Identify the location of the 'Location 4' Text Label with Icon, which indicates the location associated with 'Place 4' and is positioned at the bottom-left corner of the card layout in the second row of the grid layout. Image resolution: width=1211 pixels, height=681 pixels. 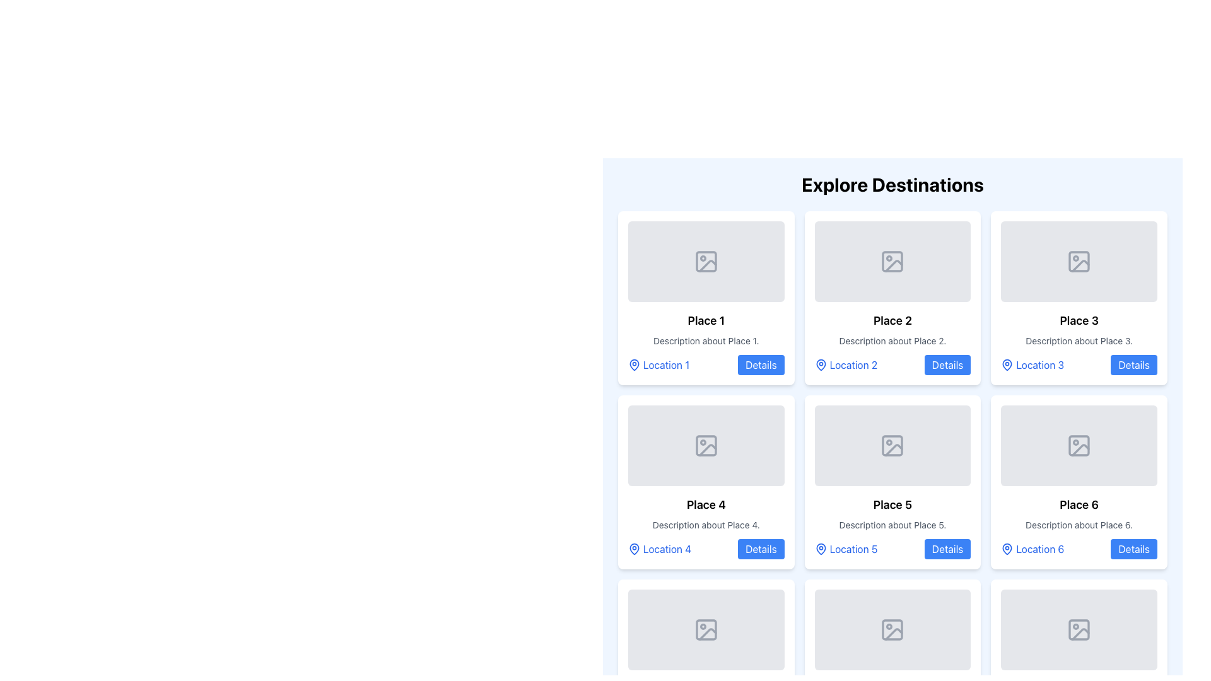
(659, 549).